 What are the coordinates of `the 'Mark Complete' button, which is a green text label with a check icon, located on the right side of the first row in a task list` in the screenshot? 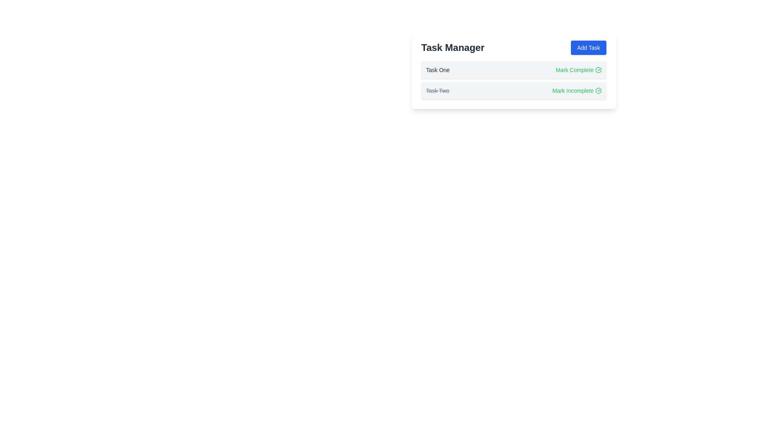 It's located at (578, 70).